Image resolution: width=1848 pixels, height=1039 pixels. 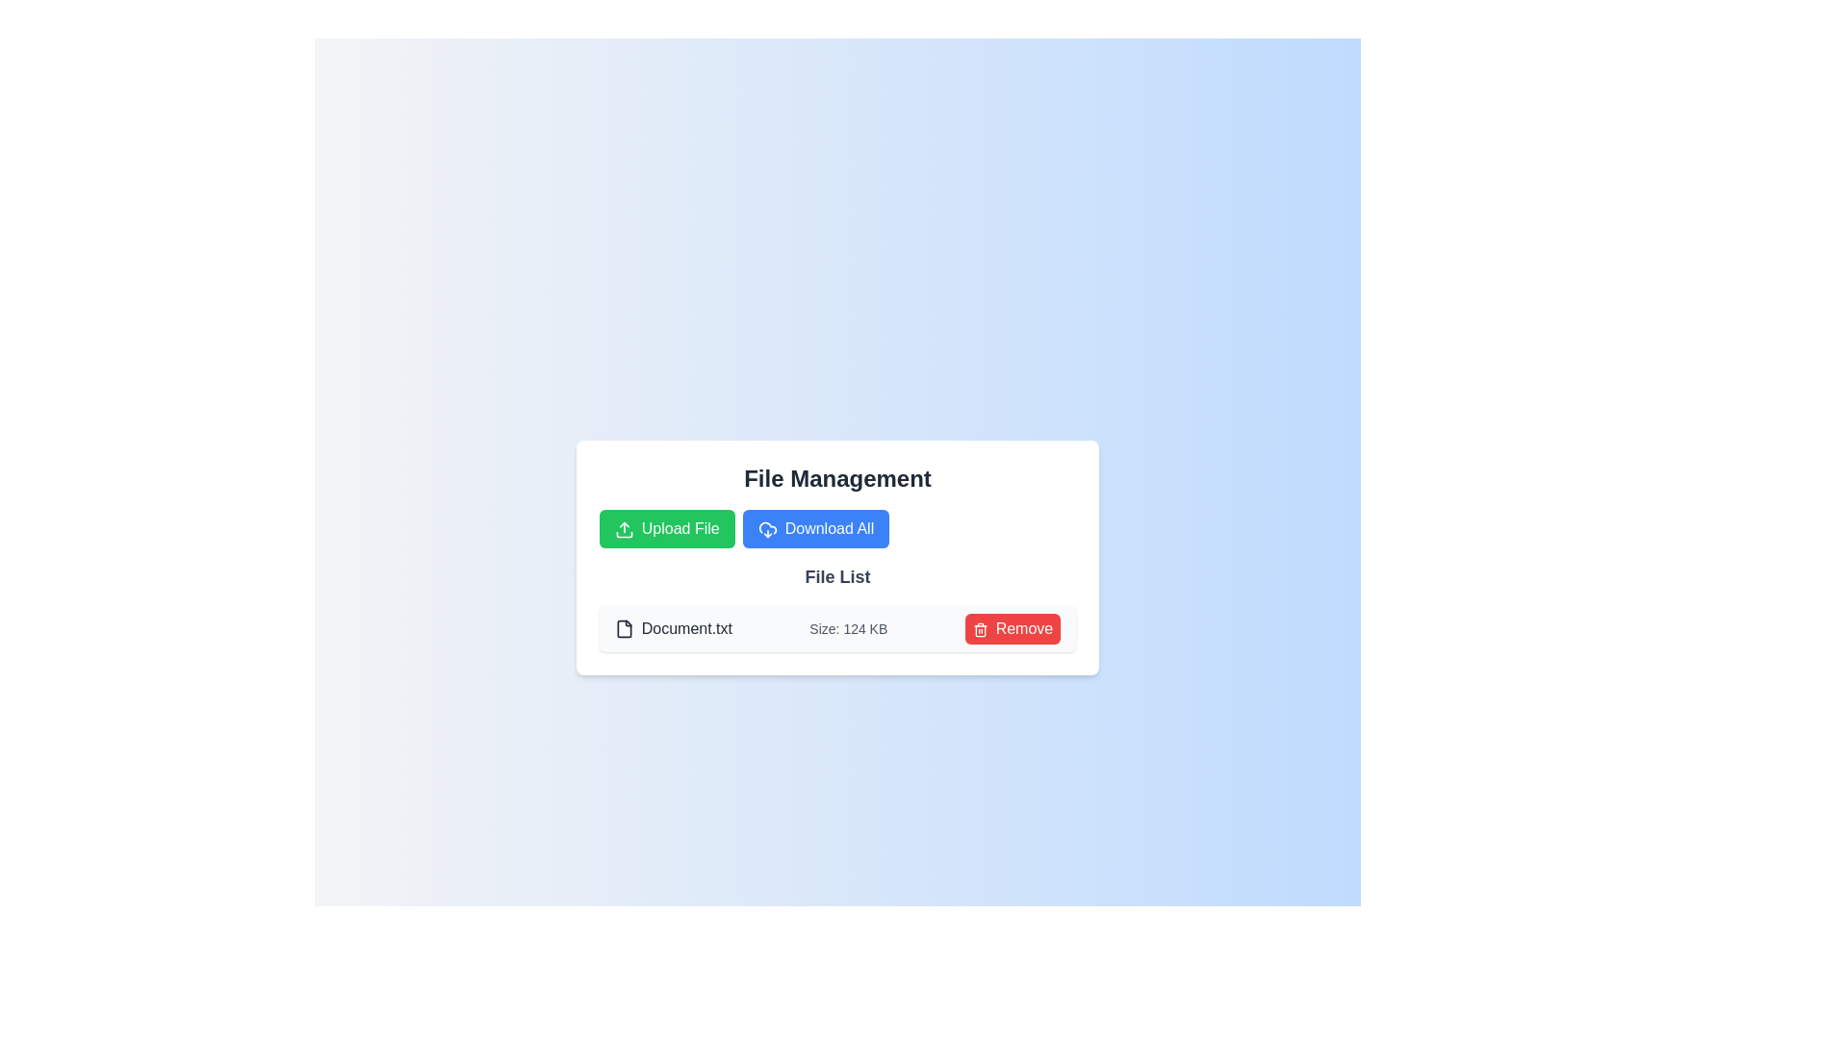 I want to click on the static text label displaying the file size 'Size: 124 KB', which is located to the right of 'Document.txt' and to the left of the 'Remove' button, so click(x=847, y=629).